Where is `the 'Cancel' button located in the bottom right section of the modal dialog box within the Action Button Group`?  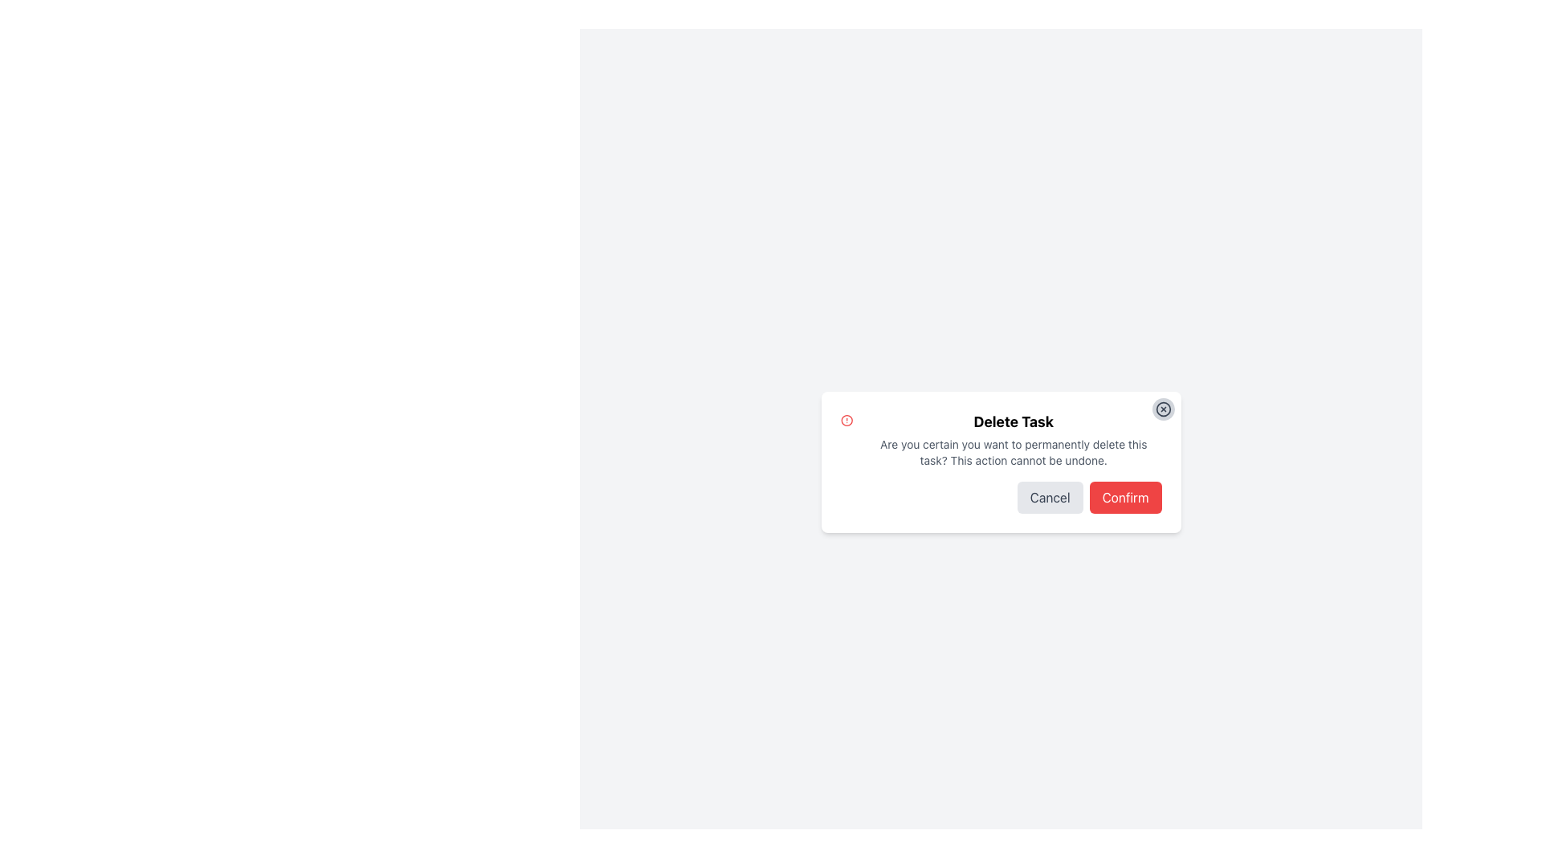
the 'Cancel' button located in the bottom right section of the modal dialog box within the Action Button Group is located at coordinates (1000, 497).